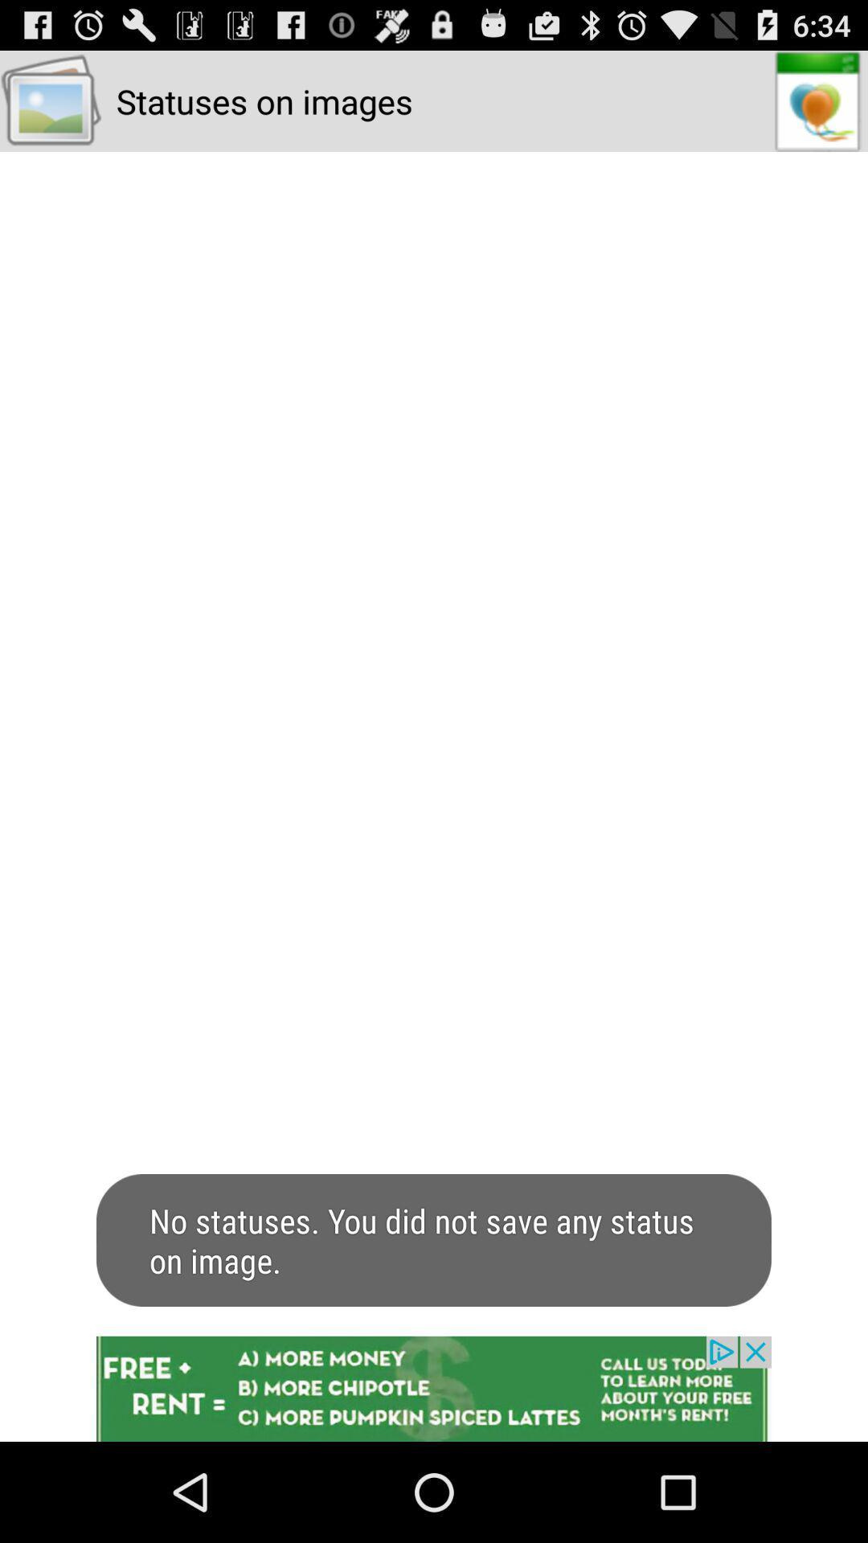  What do you see at coordinates (434, 1388) in the screenshot?
I see `advertising bar` at bounding box center [434, 1388].